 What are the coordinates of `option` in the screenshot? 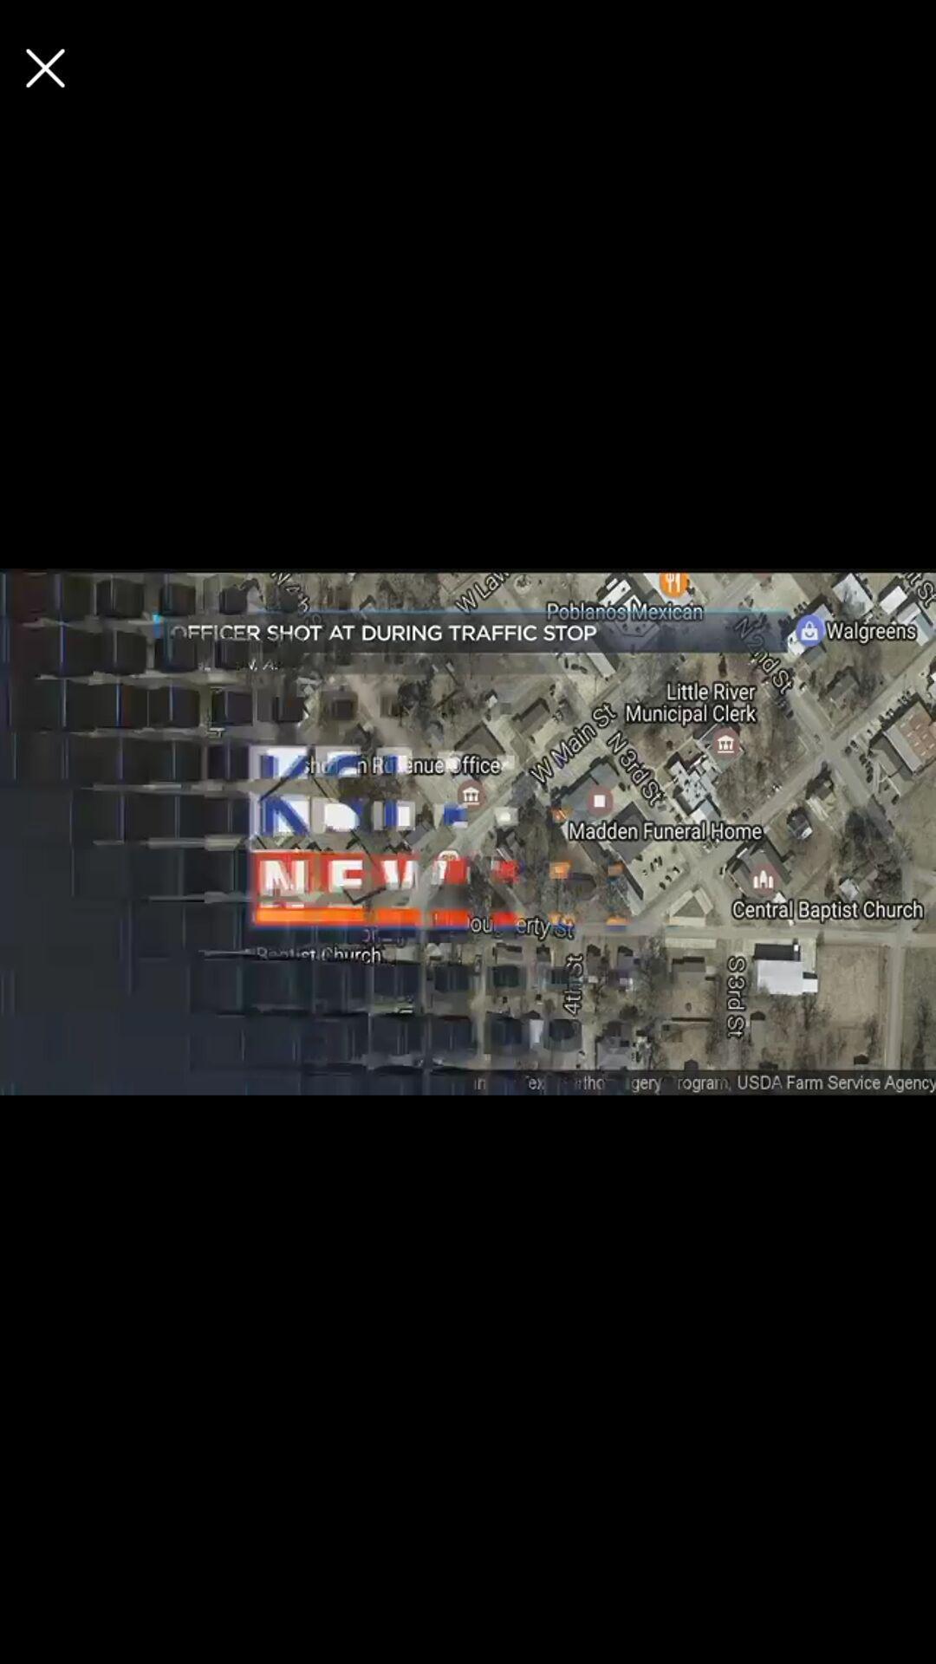 It's located at (44, 68).